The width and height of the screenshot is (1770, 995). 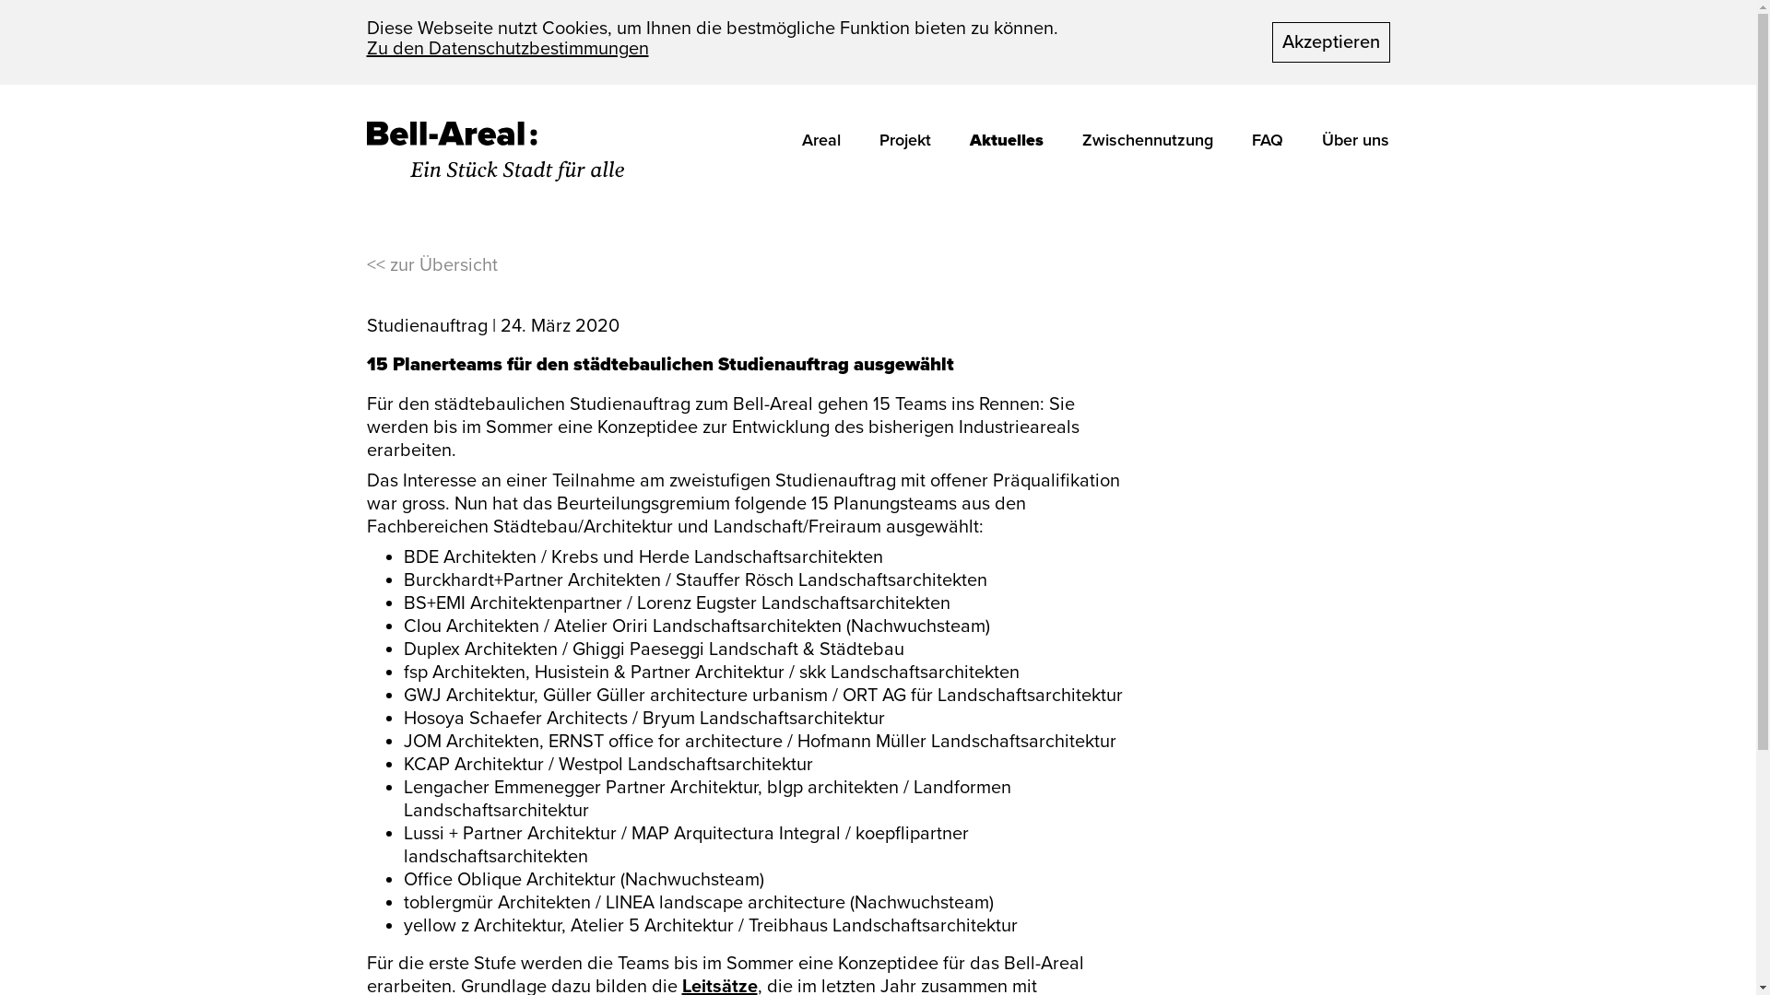 I want to click on 'Home', so click(x=495, y=150).